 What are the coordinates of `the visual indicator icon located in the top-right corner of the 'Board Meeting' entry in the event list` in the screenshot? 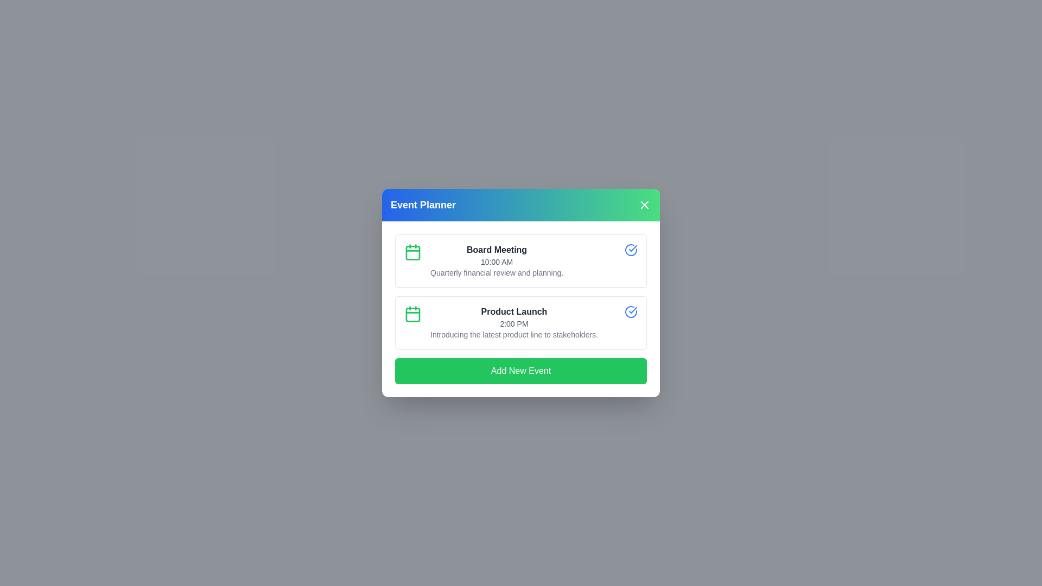 It's located at (633, 310).